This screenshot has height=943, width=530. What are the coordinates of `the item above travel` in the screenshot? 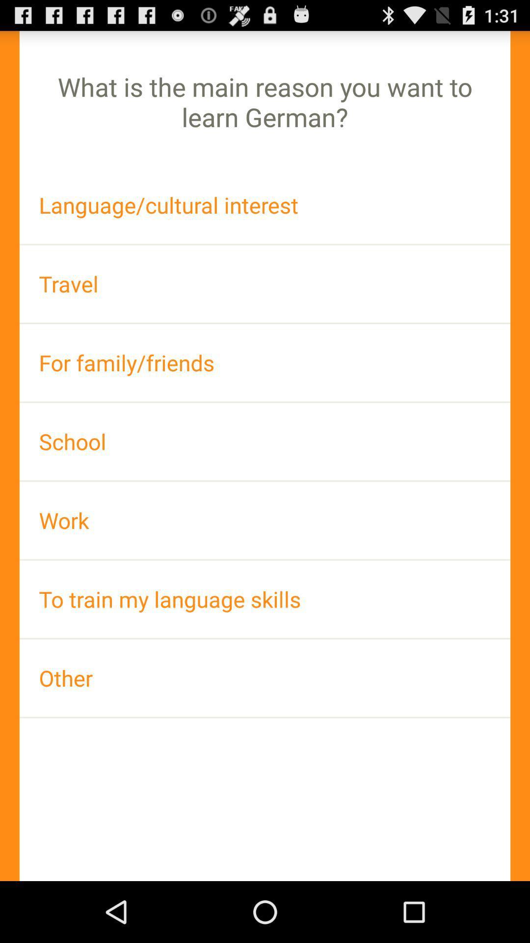 It's located at (265, 204).